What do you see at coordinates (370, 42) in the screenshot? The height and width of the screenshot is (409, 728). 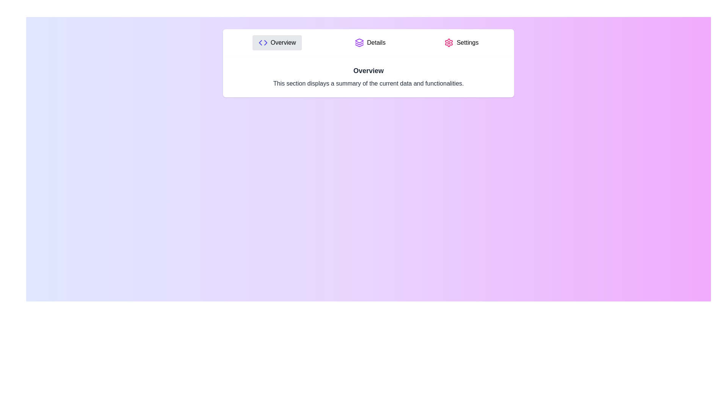 I see `the 'Details' tab button, which is the second of three tabs with a purple icon of stacked layers, to switch to the details view` at bounding box center [370, 42].